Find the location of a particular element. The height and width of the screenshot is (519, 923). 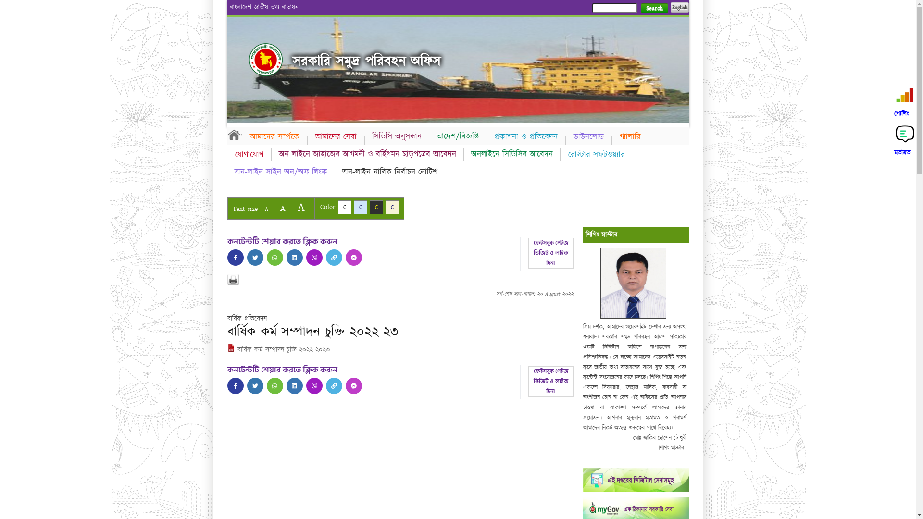

'A' is located at coordinates (259, 209).